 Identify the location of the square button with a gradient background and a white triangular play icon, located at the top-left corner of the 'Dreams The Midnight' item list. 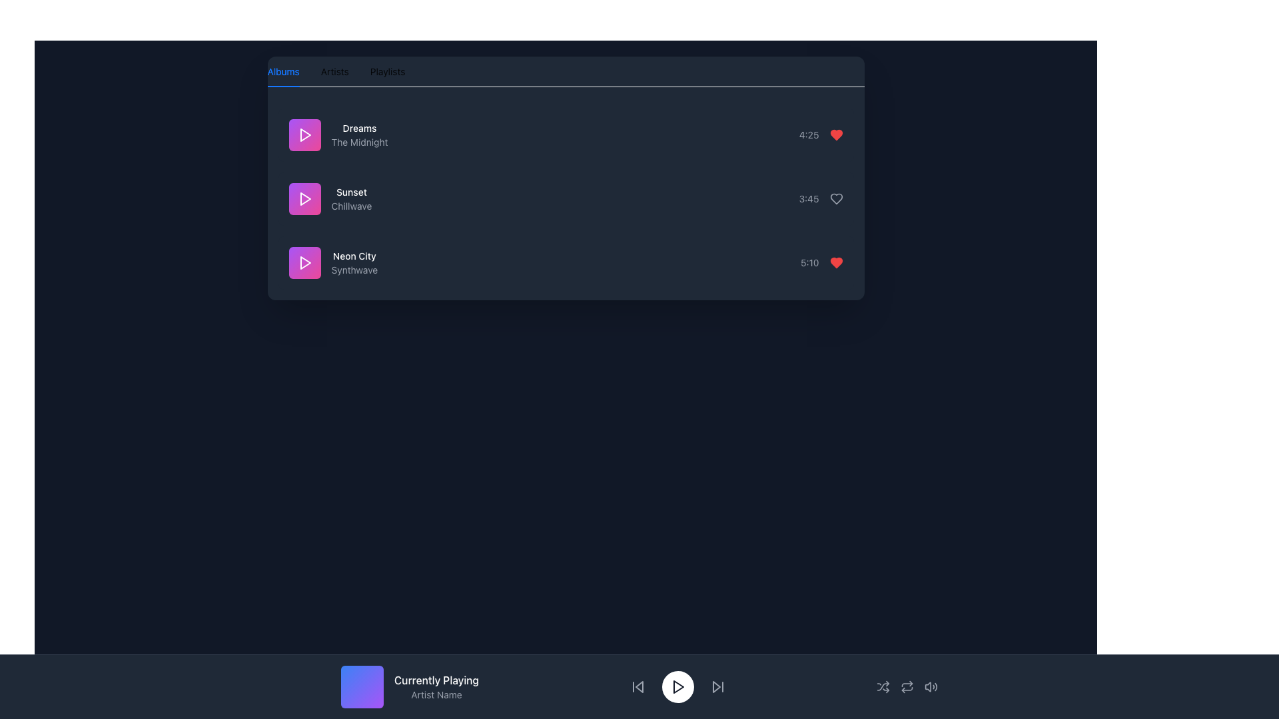
(304, 135).